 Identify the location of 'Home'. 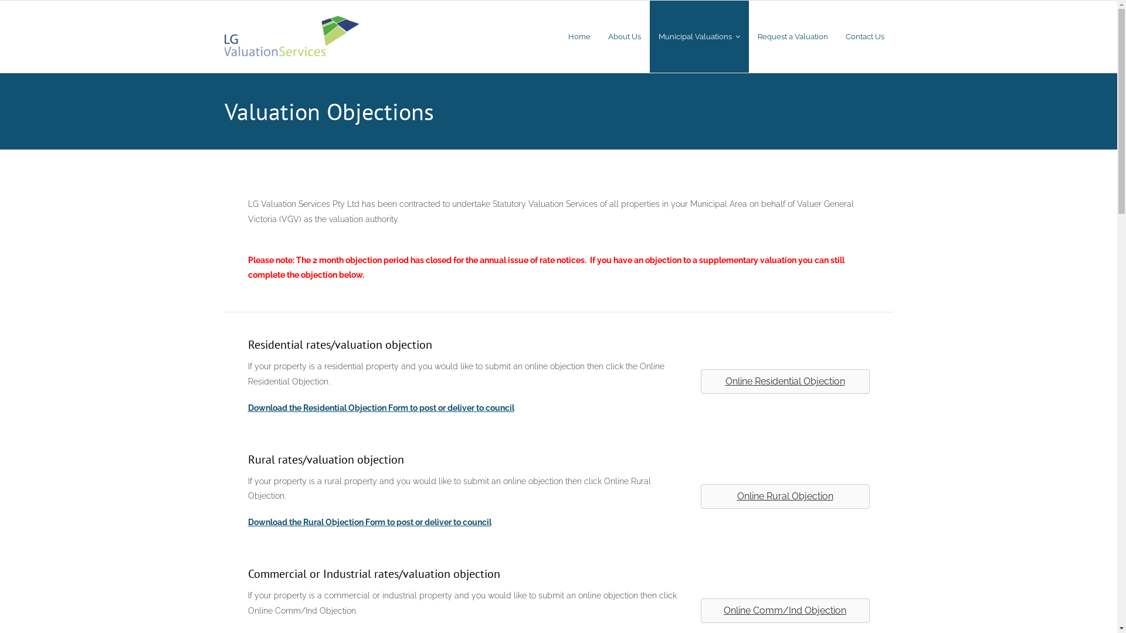
(579, 36).